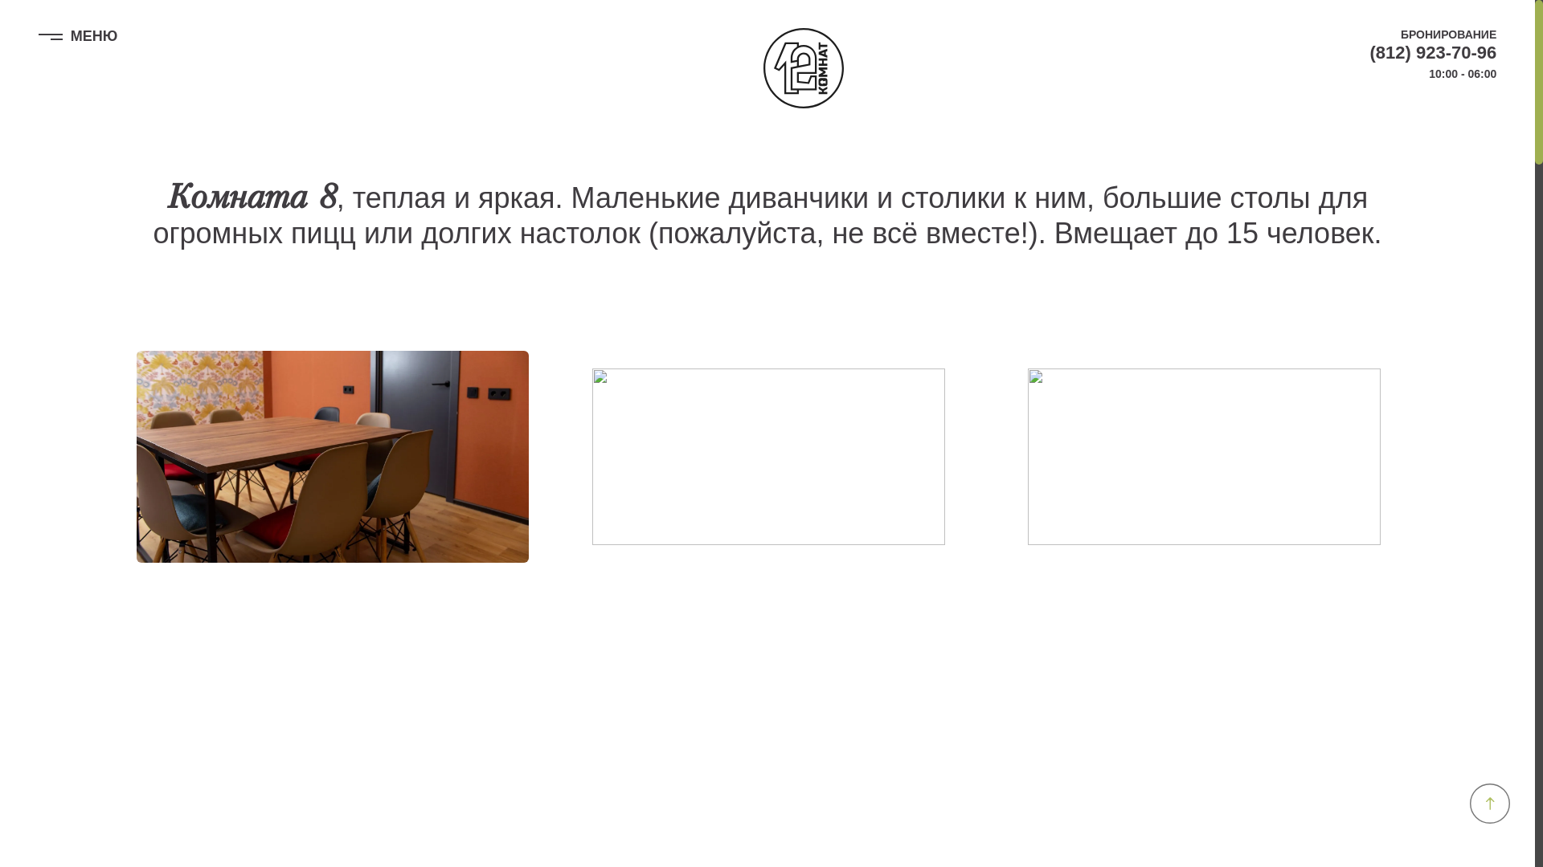  What do you see at coordinates (1369, 51) in the screenshot?
I see `'(812) 923-70-96'` at bounding box center [1369, 51].